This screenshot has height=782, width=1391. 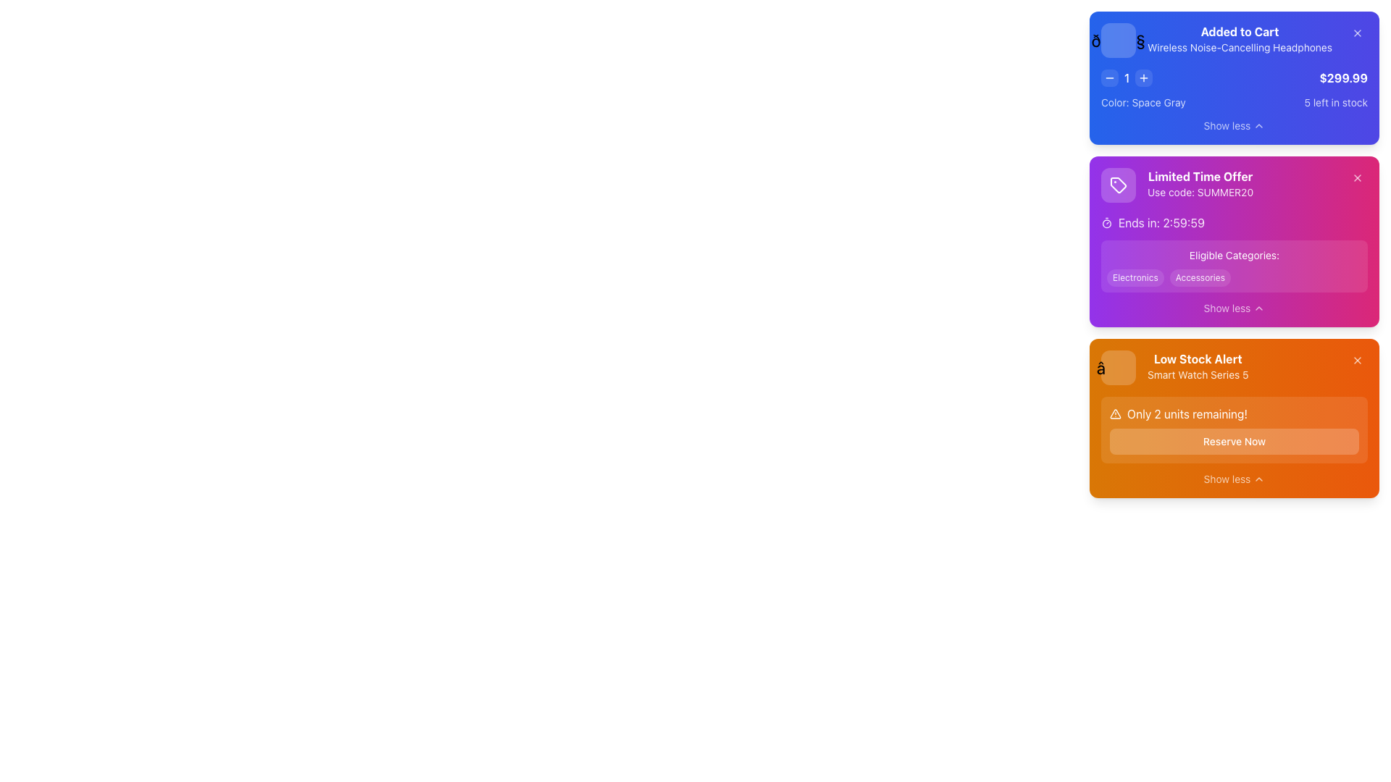 What do you see at coordinates (1216, 40) in the screenshot?
I see `the confirmation message indicating that 'Wireless Noise-Cancelling Headphones' has been added to the cart, located at the top left corner of the blue panel` at bounding box center [1216, 40].